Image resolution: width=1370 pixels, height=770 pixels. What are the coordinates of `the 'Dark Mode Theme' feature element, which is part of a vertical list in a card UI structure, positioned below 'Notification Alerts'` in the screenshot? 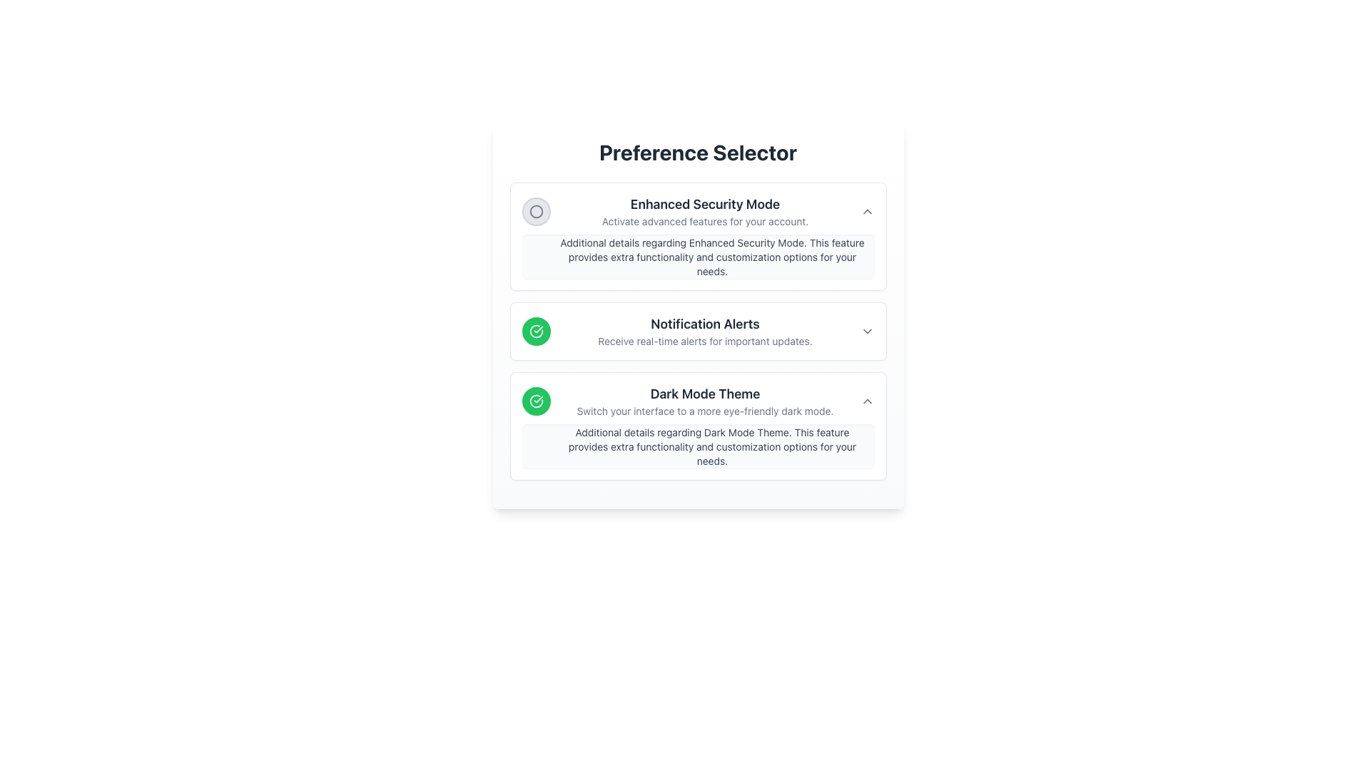 It's located at (698, 401).